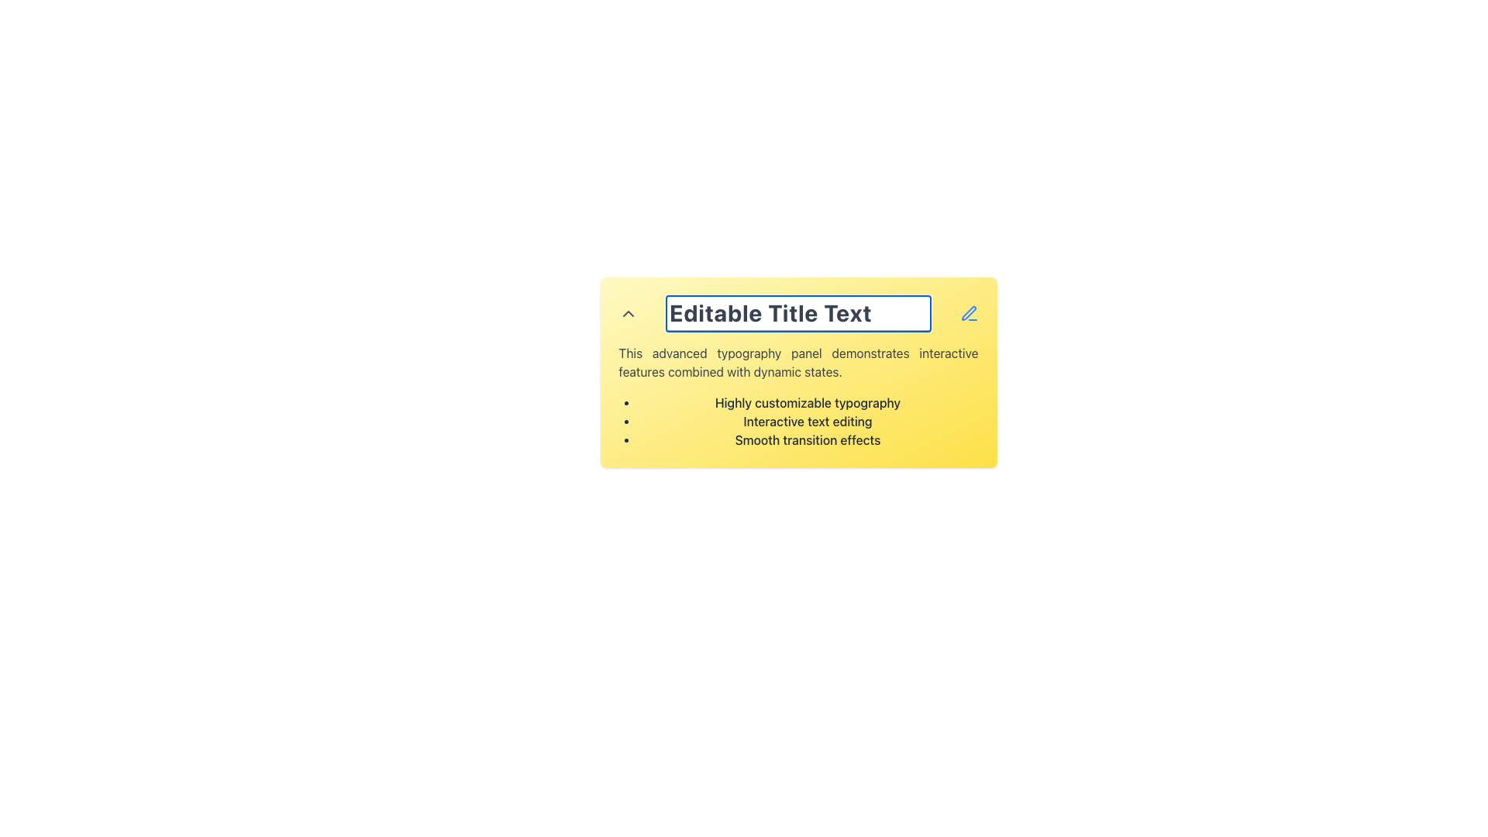 The height and width of the screenshot is (837, 1488). What do you see at coordinates (798, 362) in the screenshot?
I see `descriptive text block located directly below the 'Editable Title Text' heading in the yellow panel` at bounding box center [798, 362].